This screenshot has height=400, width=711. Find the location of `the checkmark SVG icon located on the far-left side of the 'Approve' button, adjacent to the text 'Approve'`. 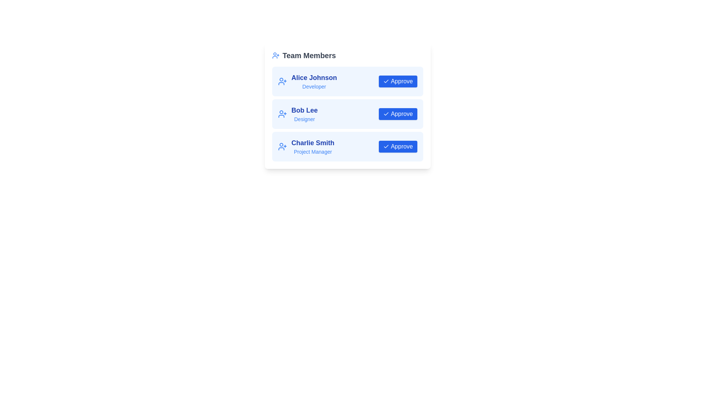

the checkmark SVG icon located on the far-left side of the 'Approve' button, adjacent to the text 'Approve' is located at coordinates (386, 81).